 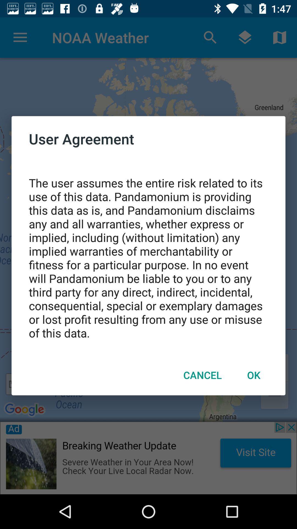 I want to click on the icon below the the user assumes, so click(x=202, y=375).